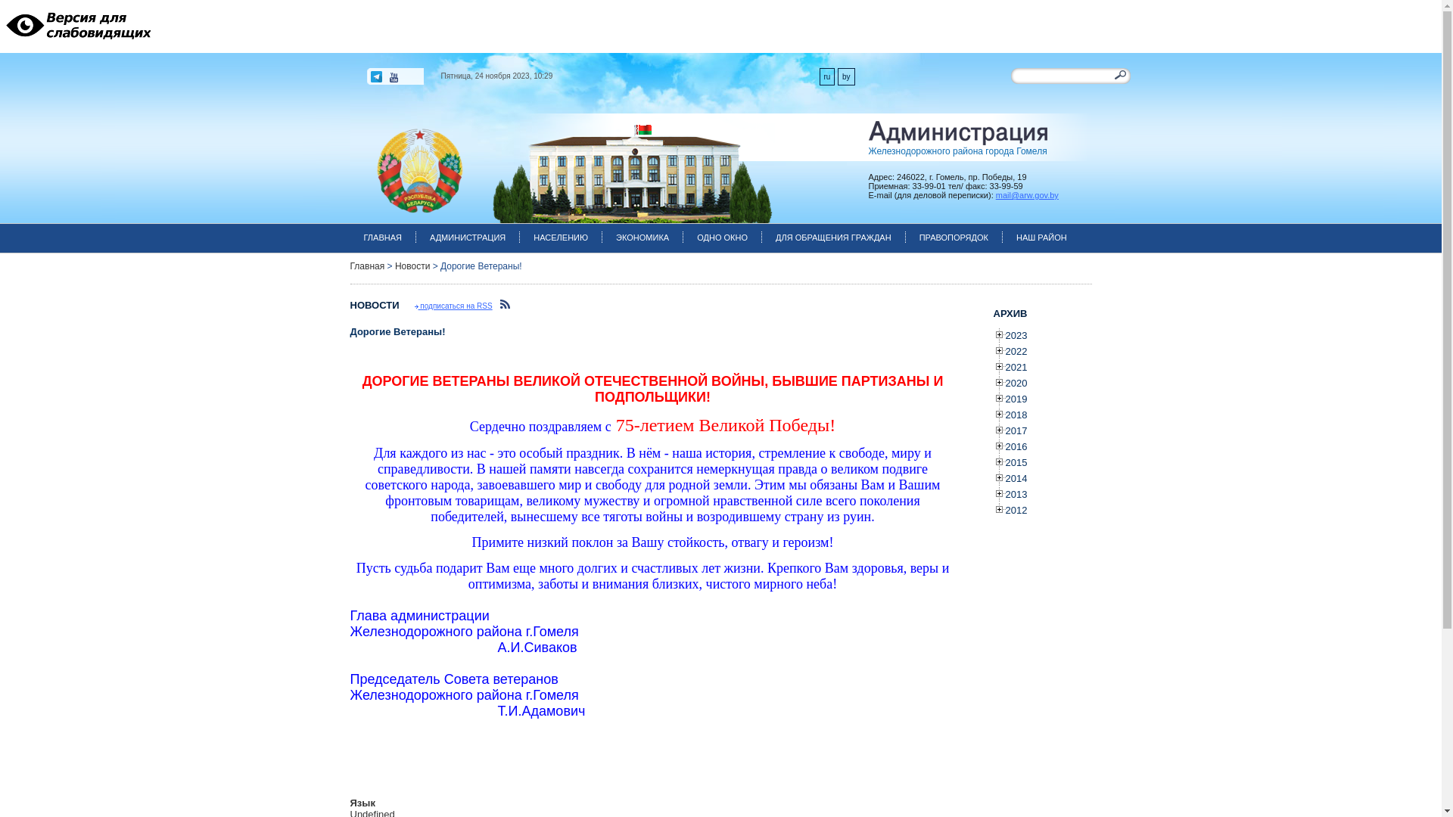  Describe the element at coordinates (845, 76) in the screenshot. I see `'by'` at that location.